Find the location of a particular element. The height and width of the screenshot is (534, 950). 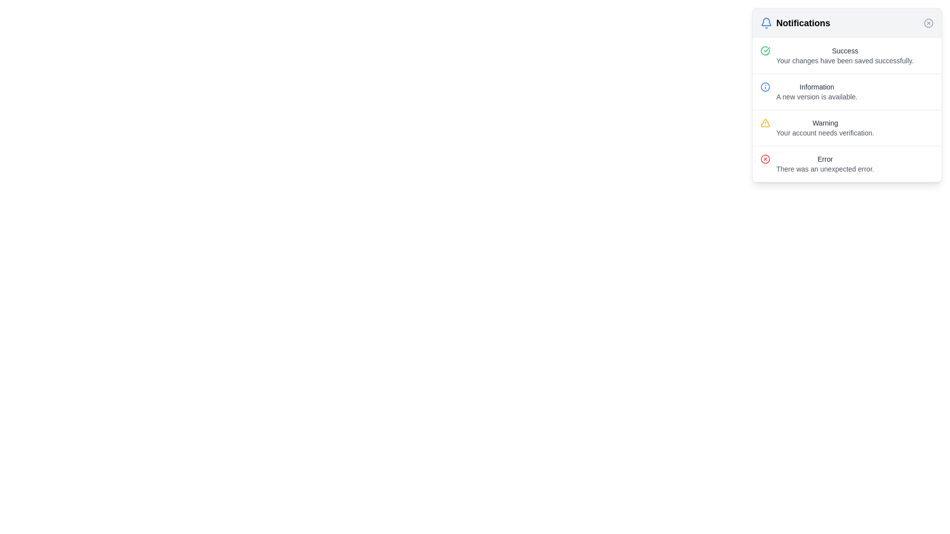

the informational Text Label indicating a new version availability, located in the notifications panel in the top-right corner of the user interface is located at coordinates (817, 97).